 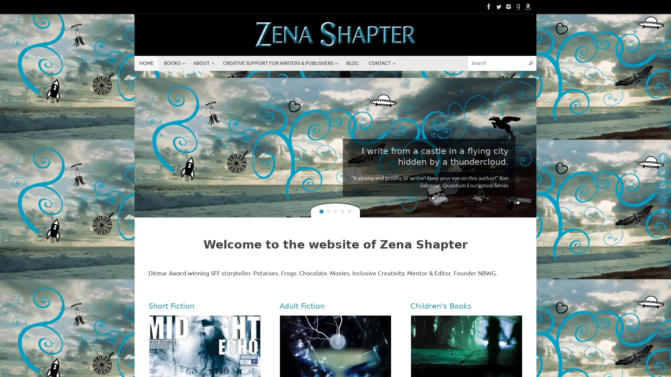 I want to click on Search, so click(x=531, y=63).